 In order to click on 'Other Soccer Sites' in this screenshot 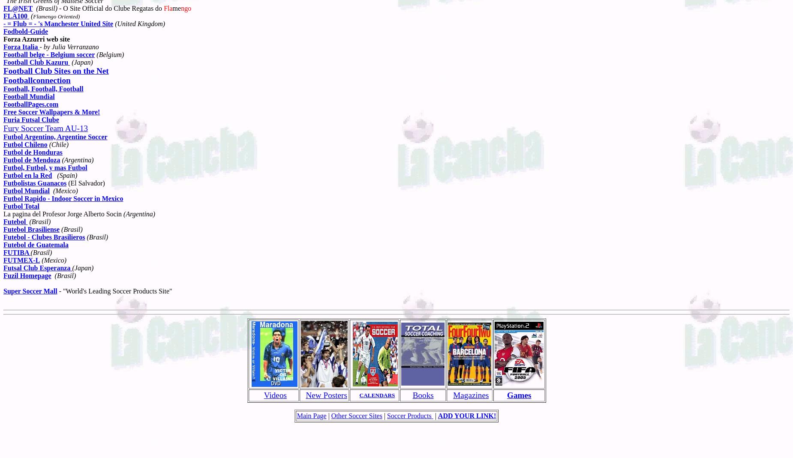, I will do `click(356, 415)`.